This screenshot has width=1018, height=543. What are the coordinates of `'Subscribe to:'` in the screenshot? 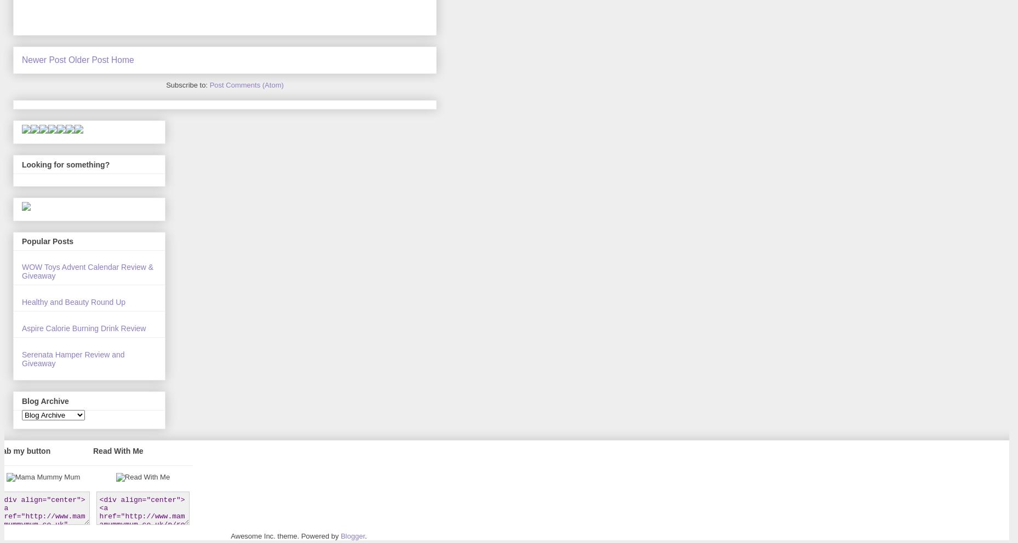 It's located at (166, 85).